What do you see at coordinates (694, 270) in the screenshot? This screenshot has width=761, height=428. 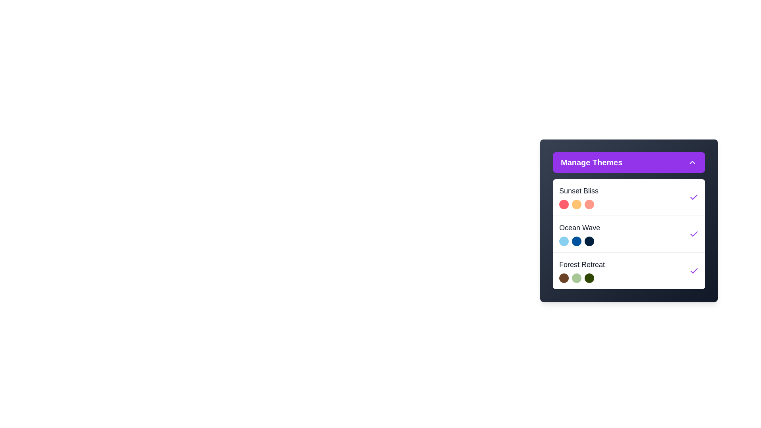 I see `the theme Forest Retreat by clicking its checkmark` at bounding box center [694, 270].